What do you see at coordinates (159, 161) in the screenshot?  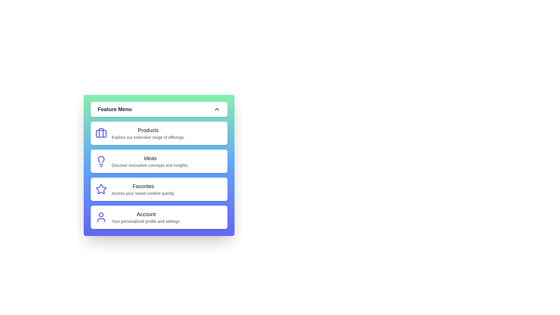 I see `the menu item Ideas from the Feature Menu` at bounding box center [159, 161].